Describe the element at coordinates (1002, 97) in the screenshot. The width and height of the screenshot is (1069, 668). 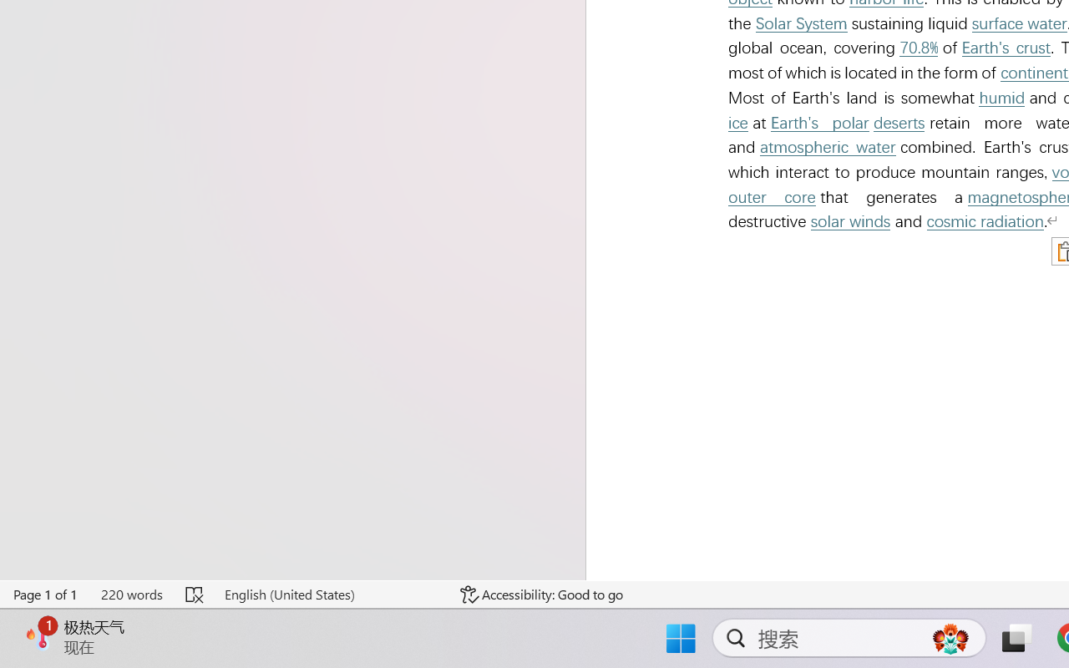
I see `'humid'` at that location.